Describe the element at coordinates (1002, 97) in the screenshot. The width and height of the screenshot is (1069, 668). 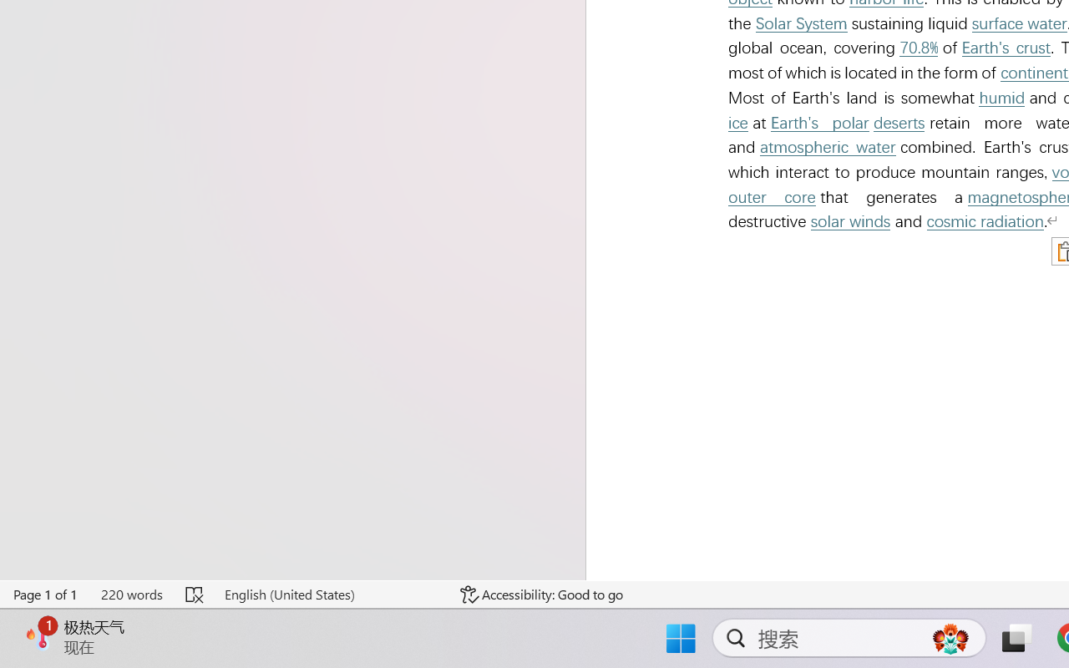
I see `'humid'` at that location.